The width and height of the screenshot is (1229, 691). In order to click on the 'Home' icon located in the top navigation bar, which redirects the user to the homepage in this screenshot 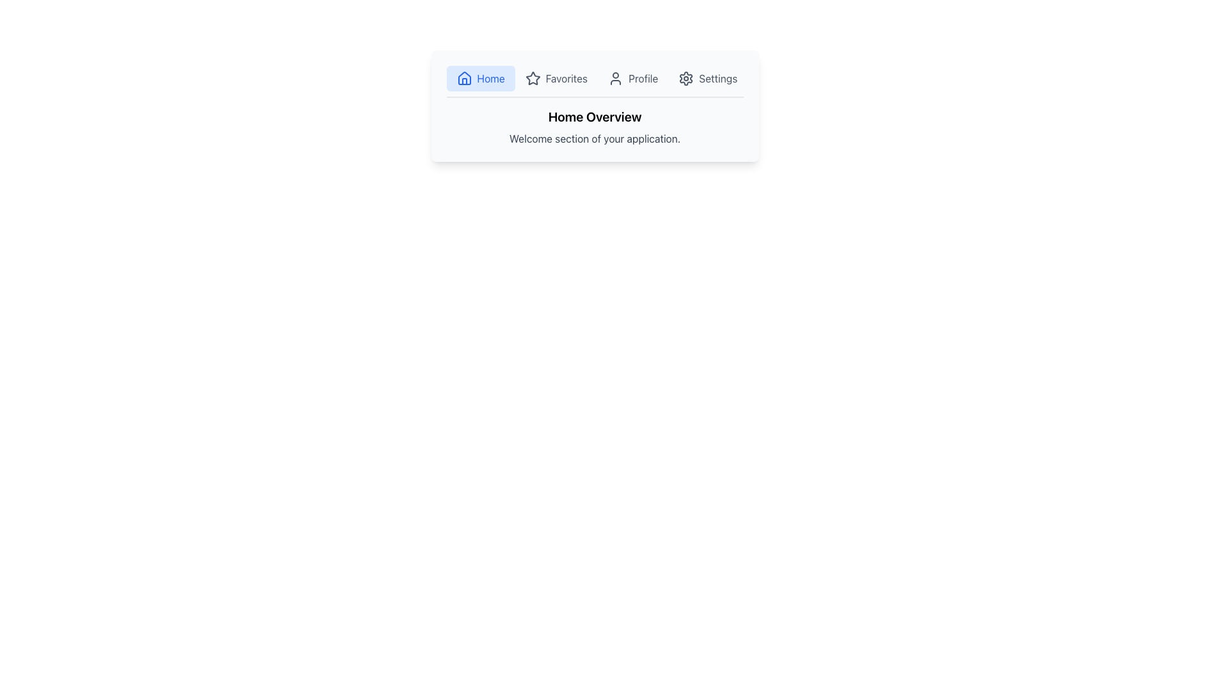, I will do `click(463, 78)`.